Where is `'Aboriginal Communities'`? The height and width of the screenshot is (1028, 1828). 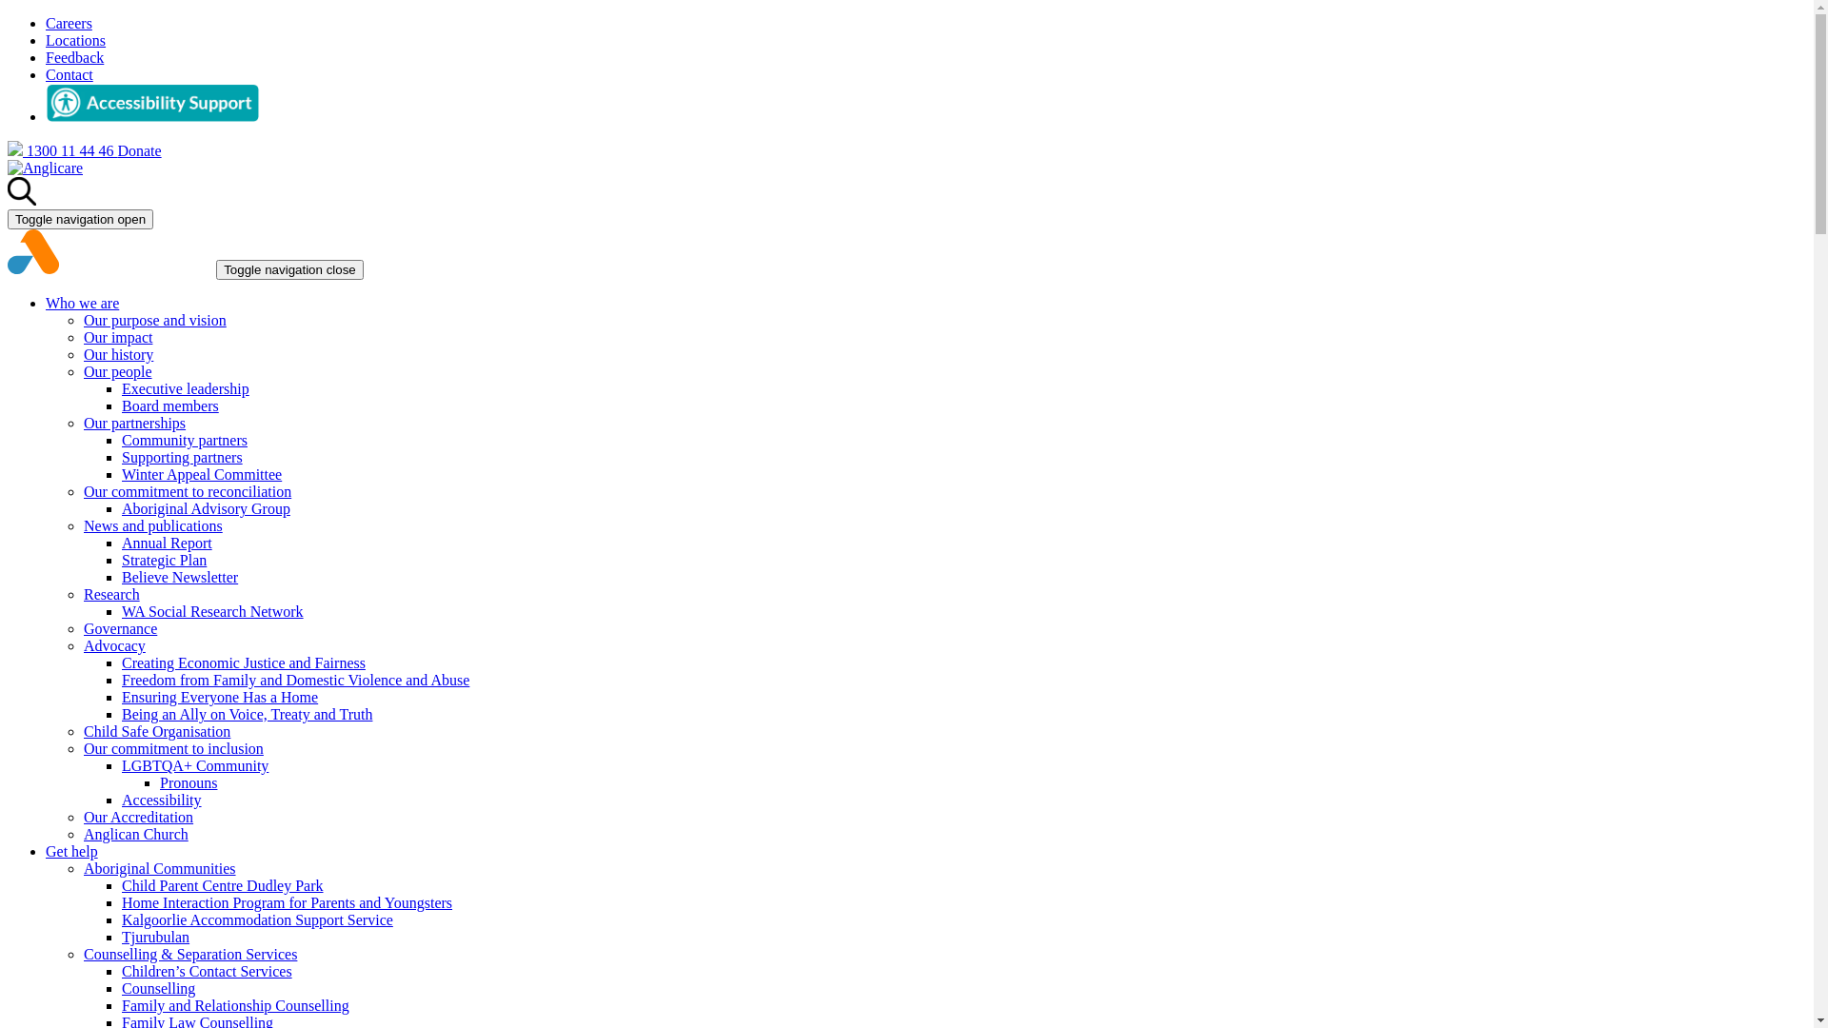 'Aboriginal Communities' is located at coordinates (82, 868).